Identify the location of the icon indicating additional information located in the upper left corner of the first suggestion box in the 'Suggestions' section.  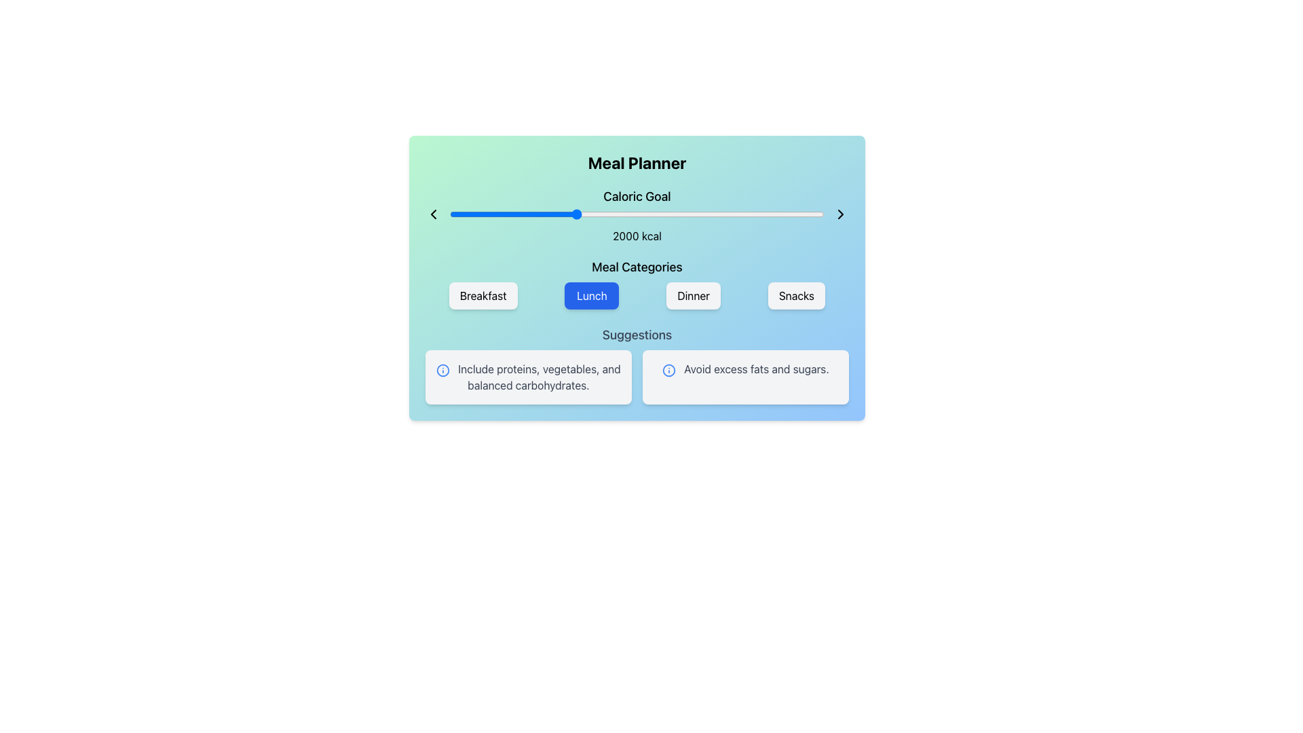
(443, 370).